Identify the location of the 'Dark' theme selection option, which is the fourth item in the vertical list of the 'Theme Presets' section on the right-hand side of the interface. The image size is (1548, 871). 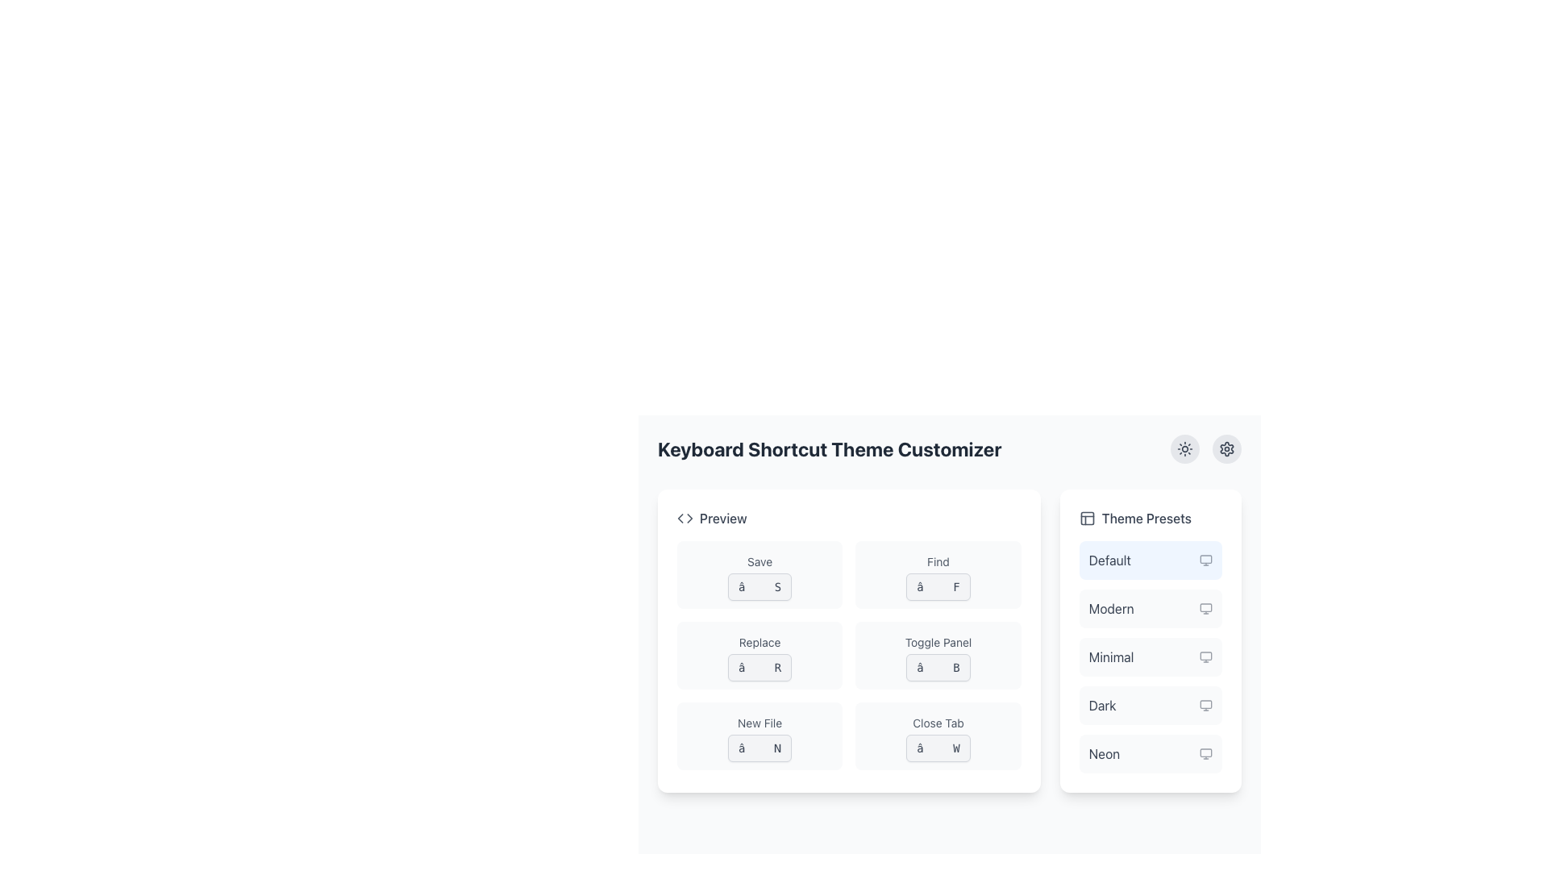
(1150, 705).